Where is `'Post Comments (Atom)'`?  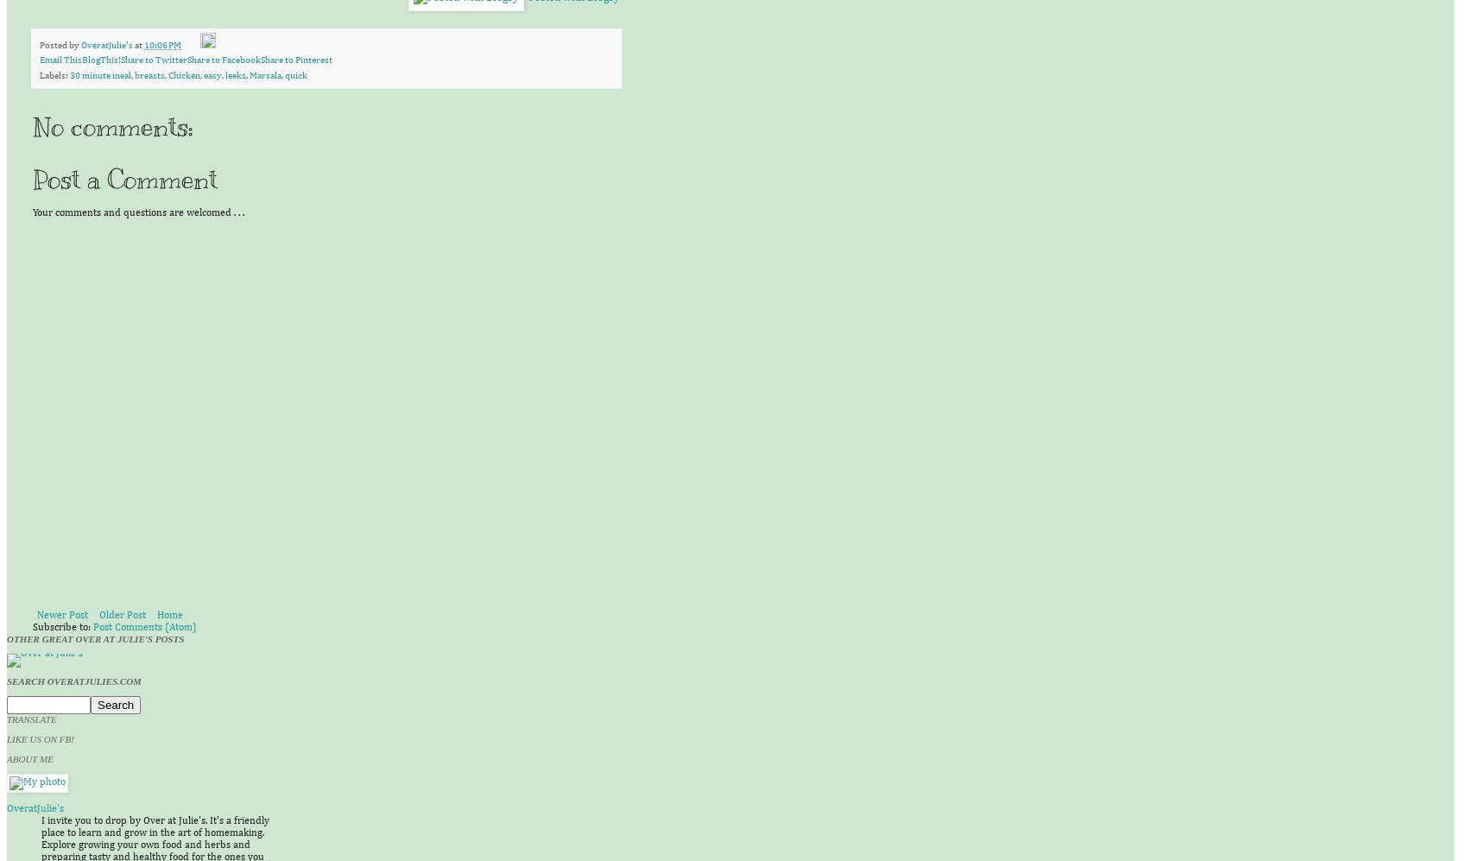
'Post Comments (Atom)' is located at coordinates (143, 628).